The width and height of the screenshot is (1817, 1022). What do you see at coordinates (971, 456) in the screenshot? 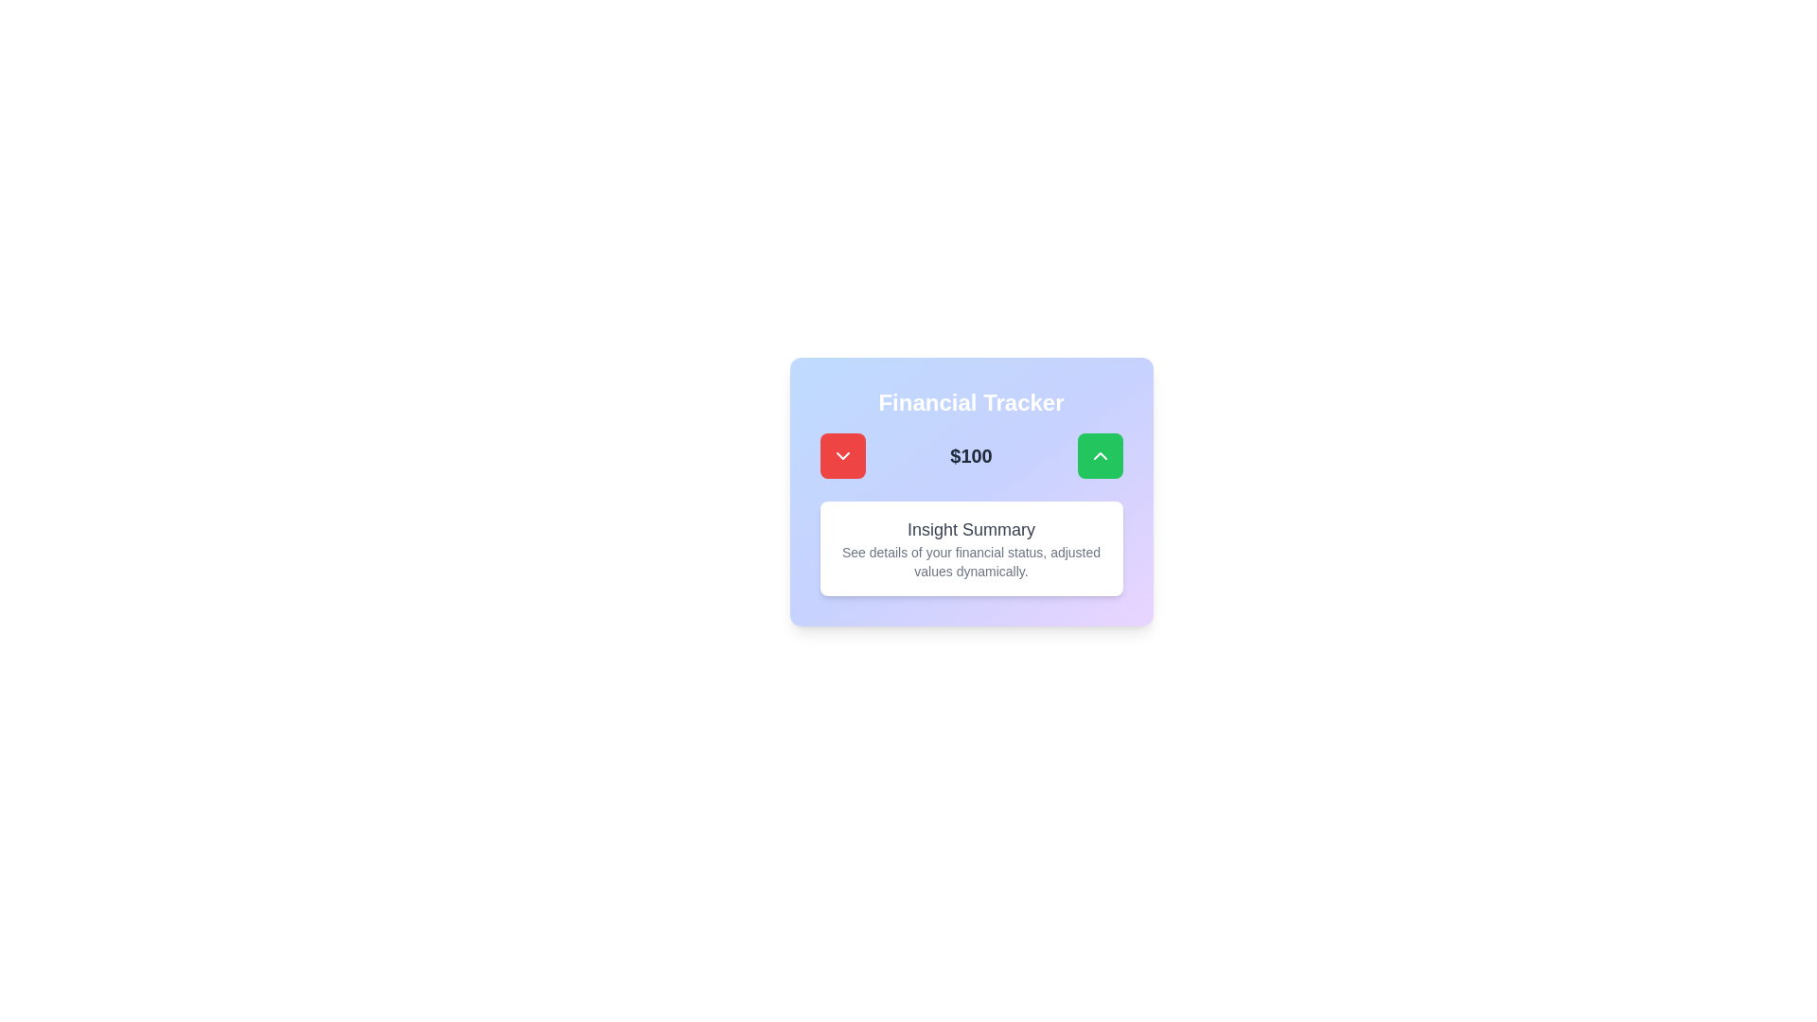
I see `the static text label displaying '$100' which is prominently styled in large bold gray font on a light blue background, located in the 'Financial Tracker' card component` at bounding box center [971, 456].